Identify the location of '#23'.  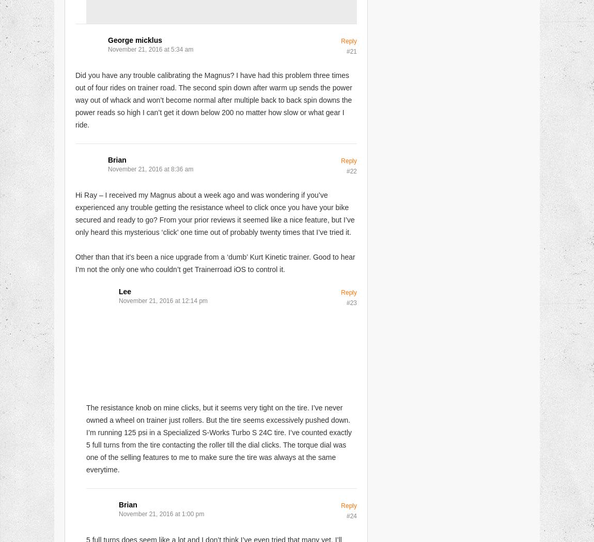
(351, 302).